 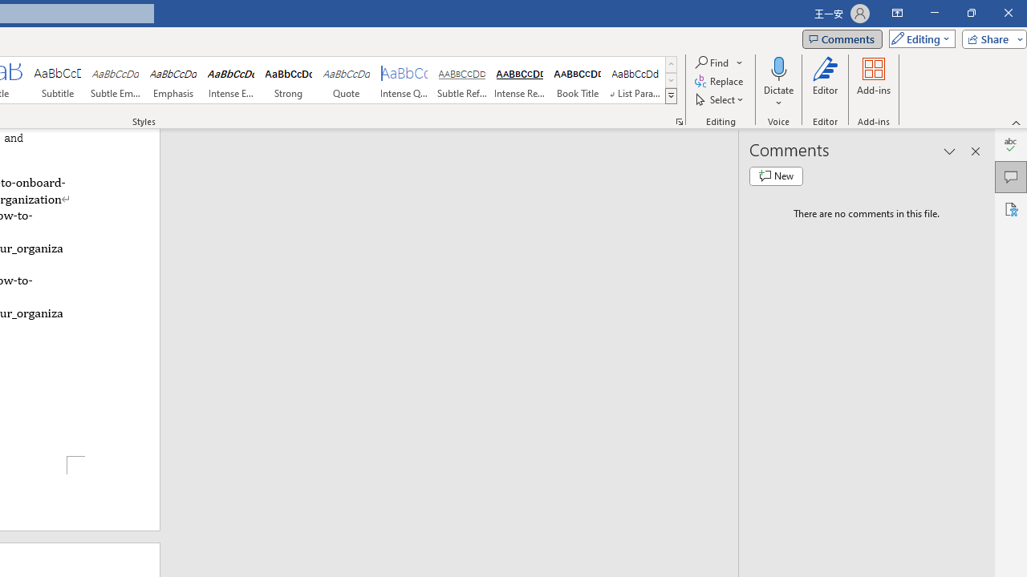 I want to click on 'Subtitle', so click(x=57, y=80).